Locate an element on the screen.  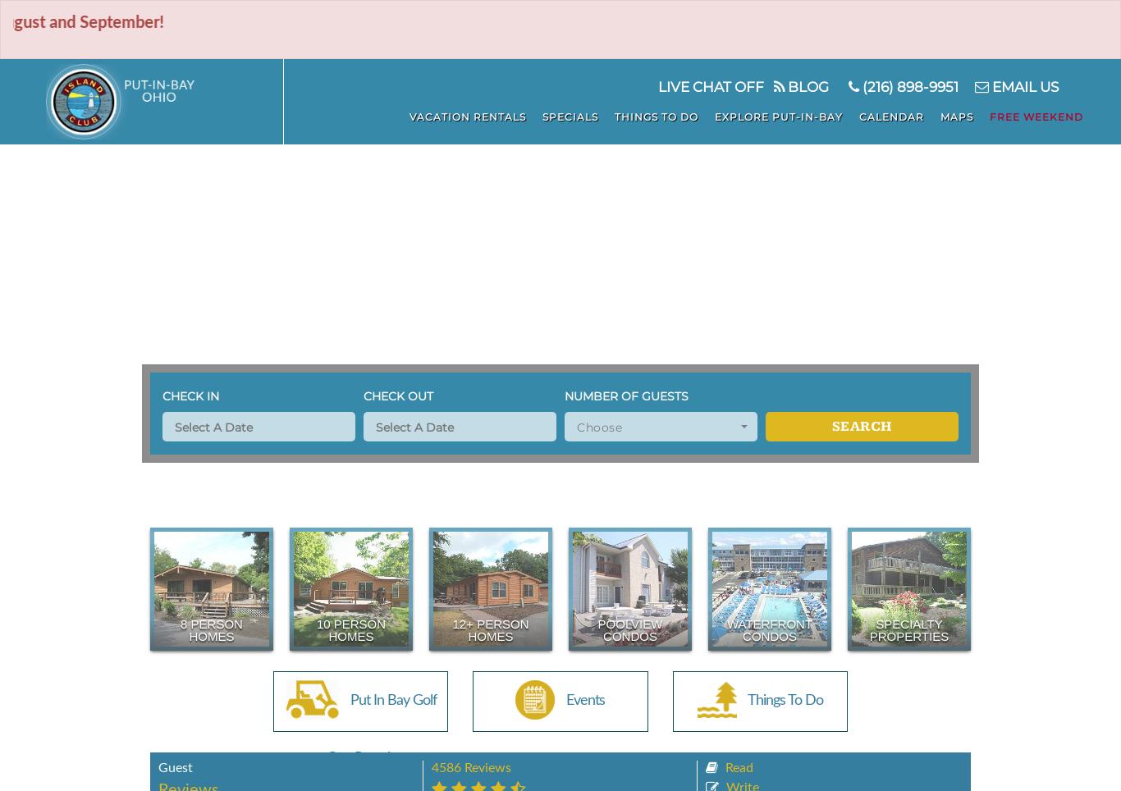
'Put In Bay Golf Cart Rentals' is located at coordinates (381, 729).